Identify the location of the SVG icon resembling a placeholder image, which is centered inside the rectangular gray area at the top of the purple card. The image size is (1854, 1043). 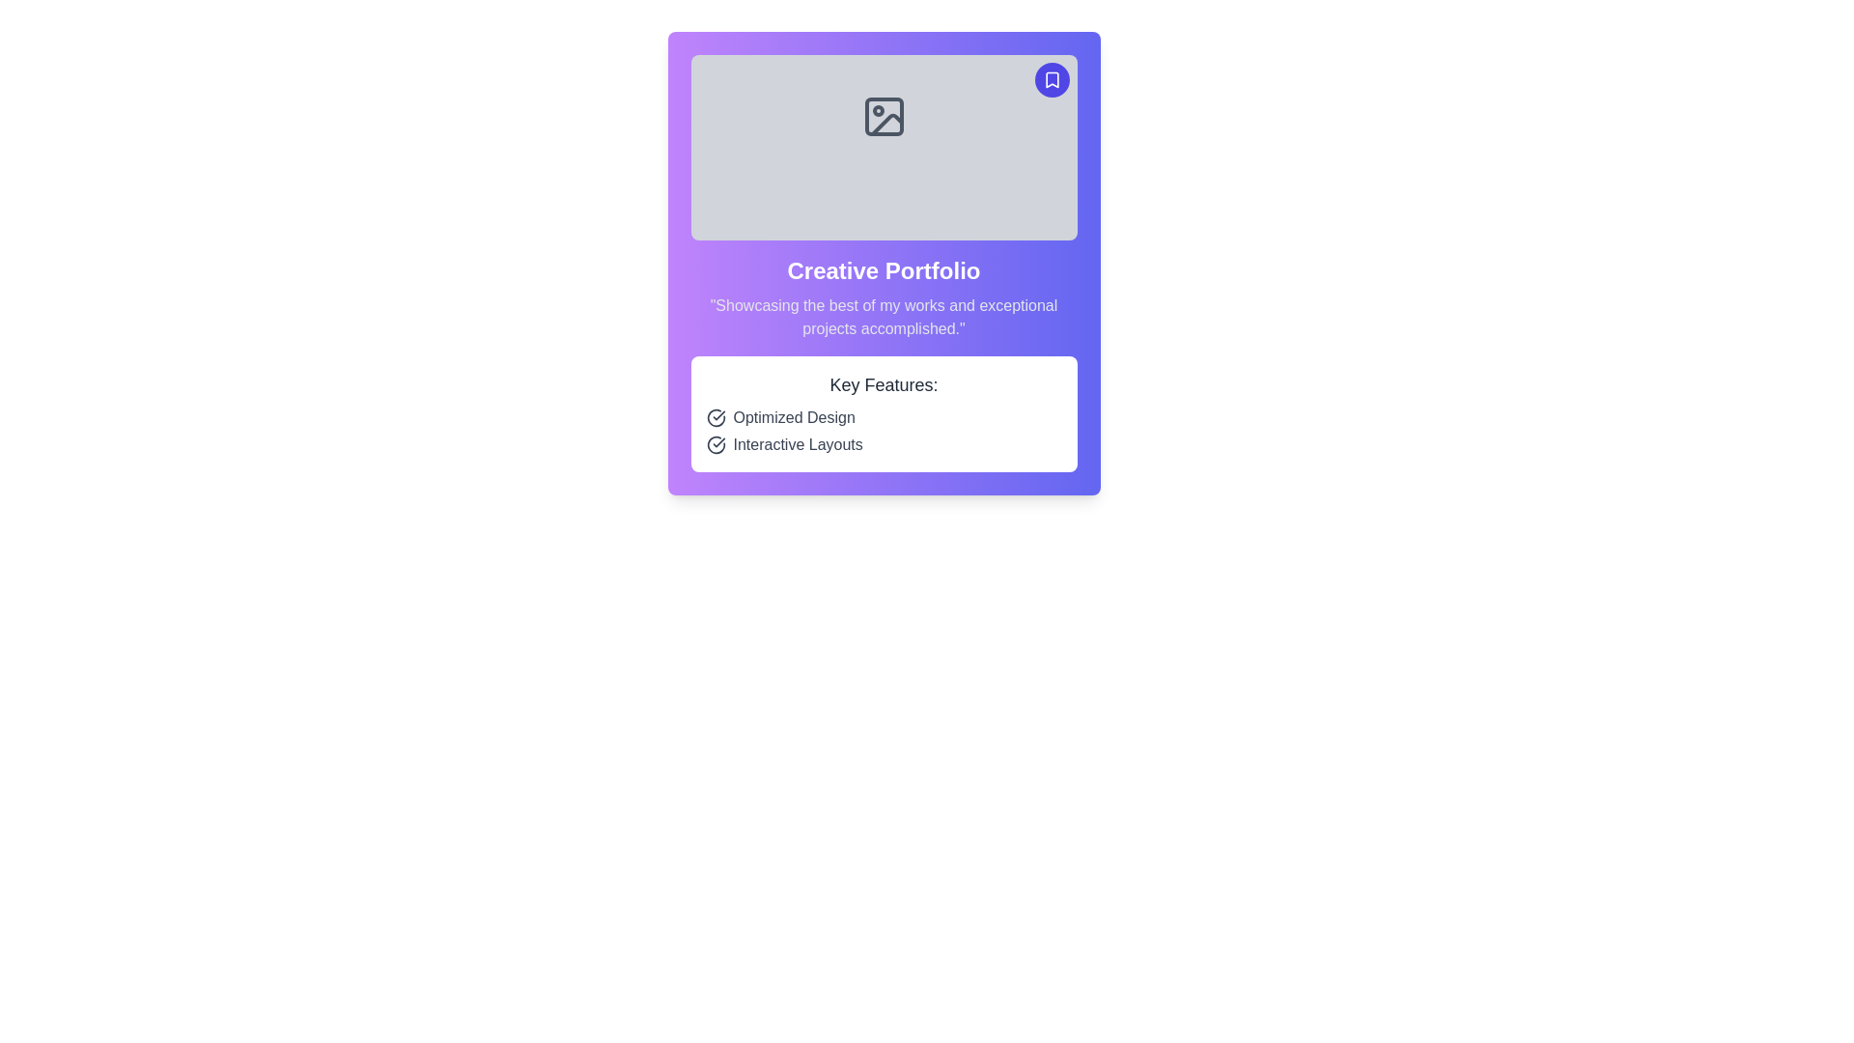
(883, 116).